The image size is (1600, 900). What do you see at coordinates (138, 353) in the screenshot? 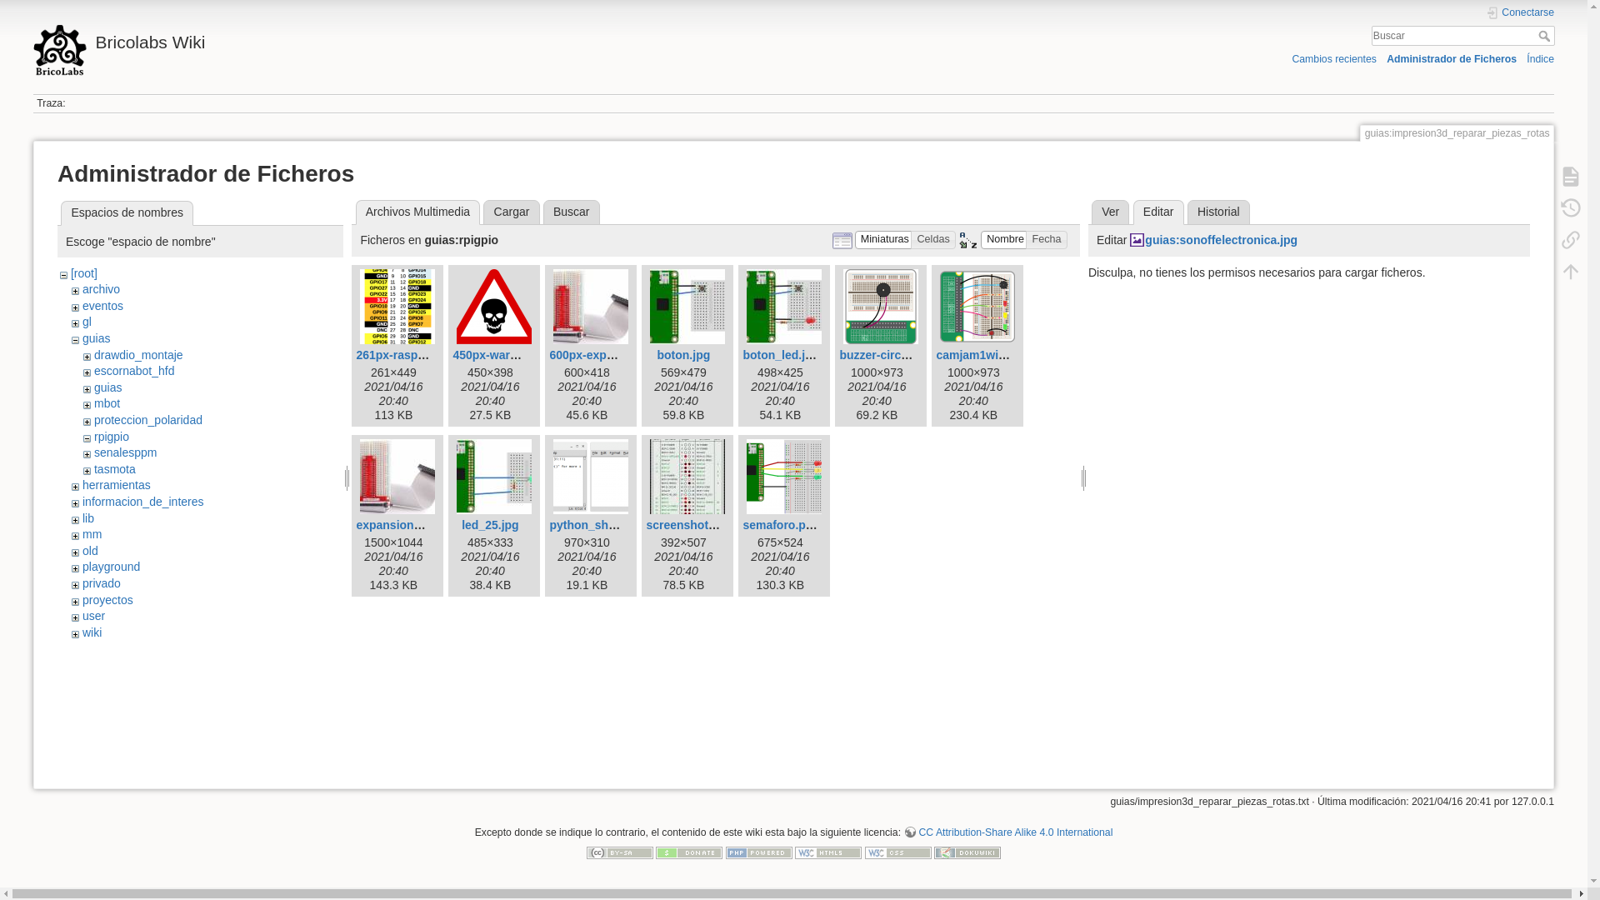
I see `'drawdio_montaje'` at bounding box center [138, 353].